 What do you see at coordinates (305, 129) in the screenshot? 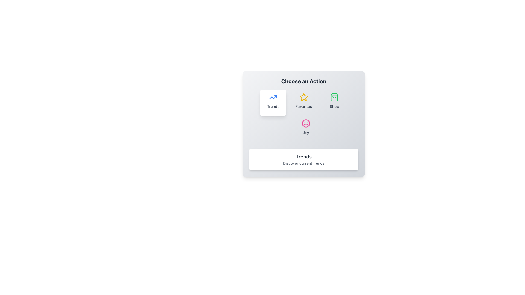
I see `the 'Joy' button, which is the fourth element in the lower row of selectable icons` at bounding box center [305, 129].